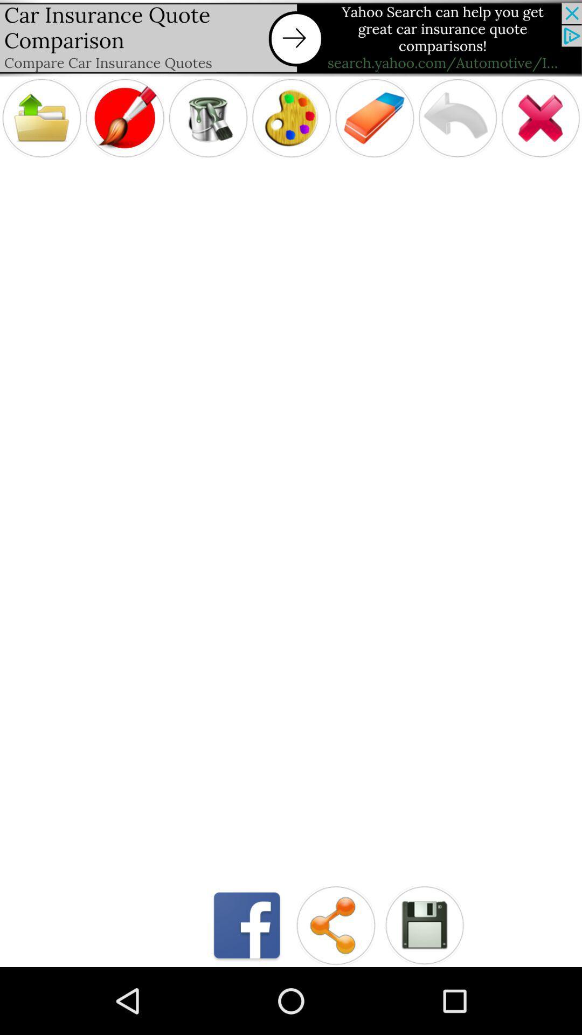 The height and width of the screenshot is (1035, 582). I want to click on the undo icon, so click(458, 126).